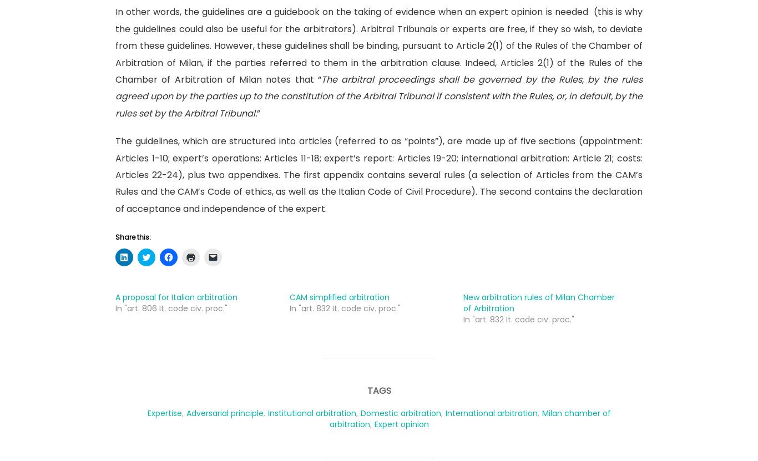 This screenshot has width=758, height=461. What do you see at coordinates (164, 412) in the screenshot?
I see `'Expertise'` at bounding box center [164, 412].